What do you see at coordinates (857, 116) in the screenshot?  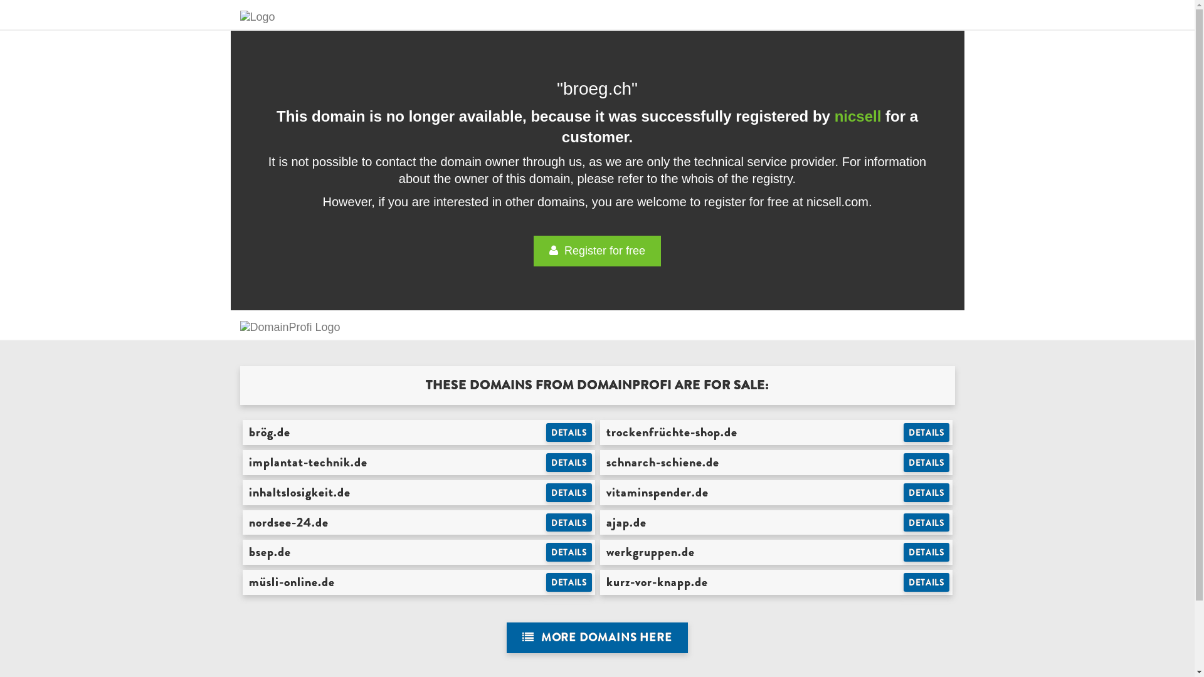 I see `'nicsell'` at bounding box center [857, 116].